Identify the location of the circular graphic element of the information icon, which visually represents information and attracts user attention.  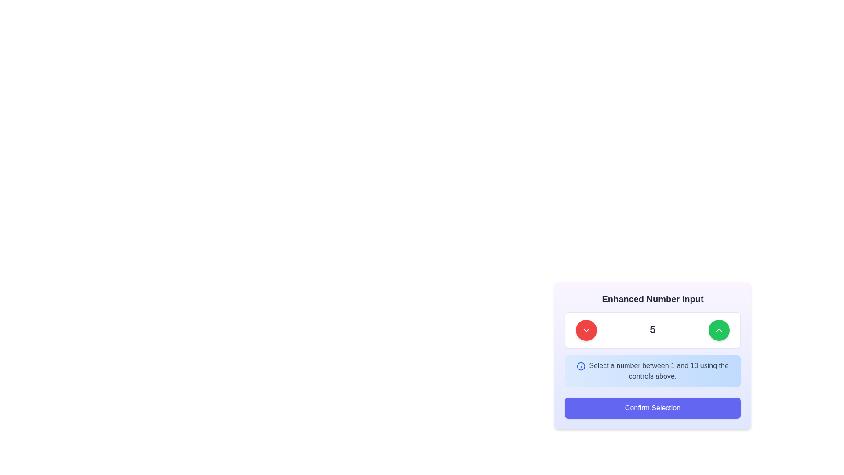
(581, 366).